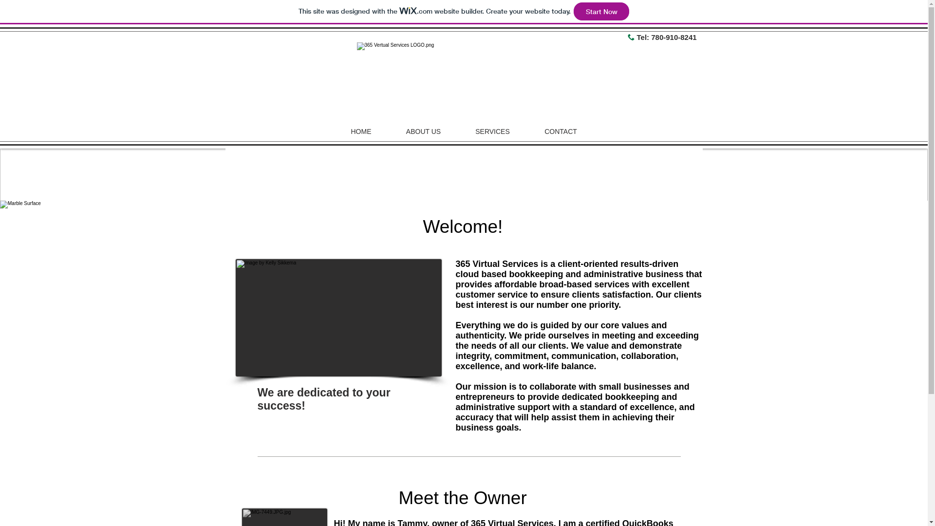 This screenshot has width=935, height=526. What do you see at coordinates (492, 131) in the screenshot?
I see `'SERVICES'` at bounding box center [492, 131].